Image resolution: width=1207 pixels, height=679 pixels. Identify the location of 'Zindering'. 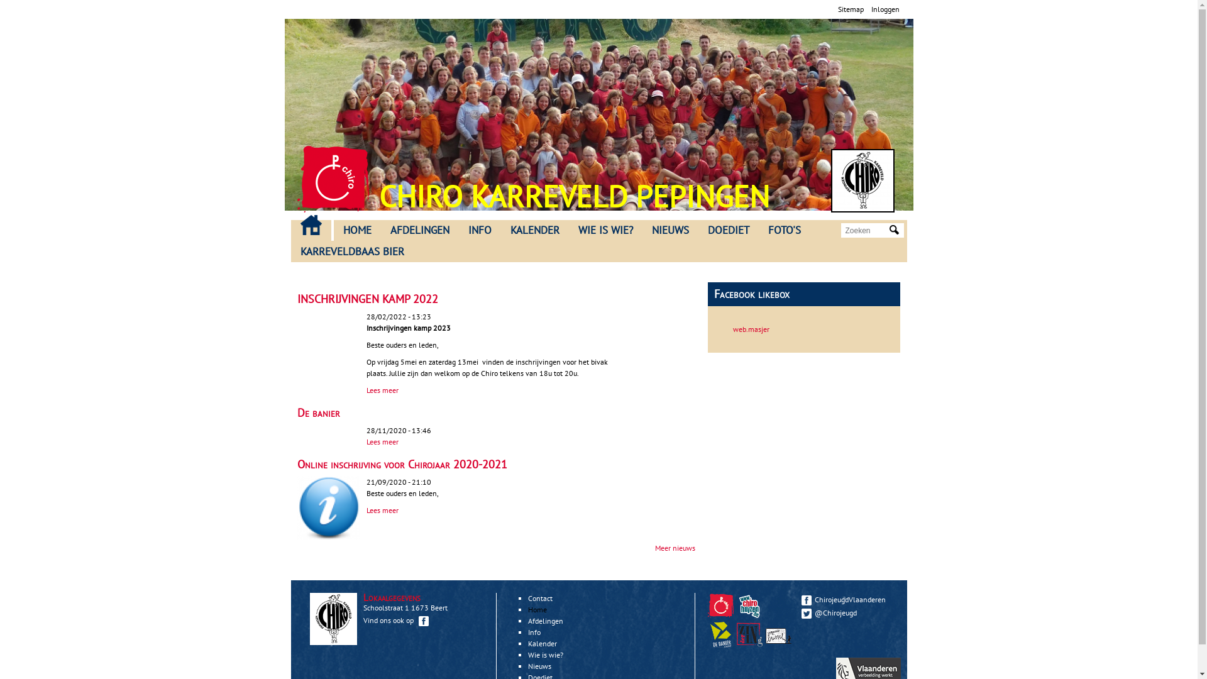
(751, 644).